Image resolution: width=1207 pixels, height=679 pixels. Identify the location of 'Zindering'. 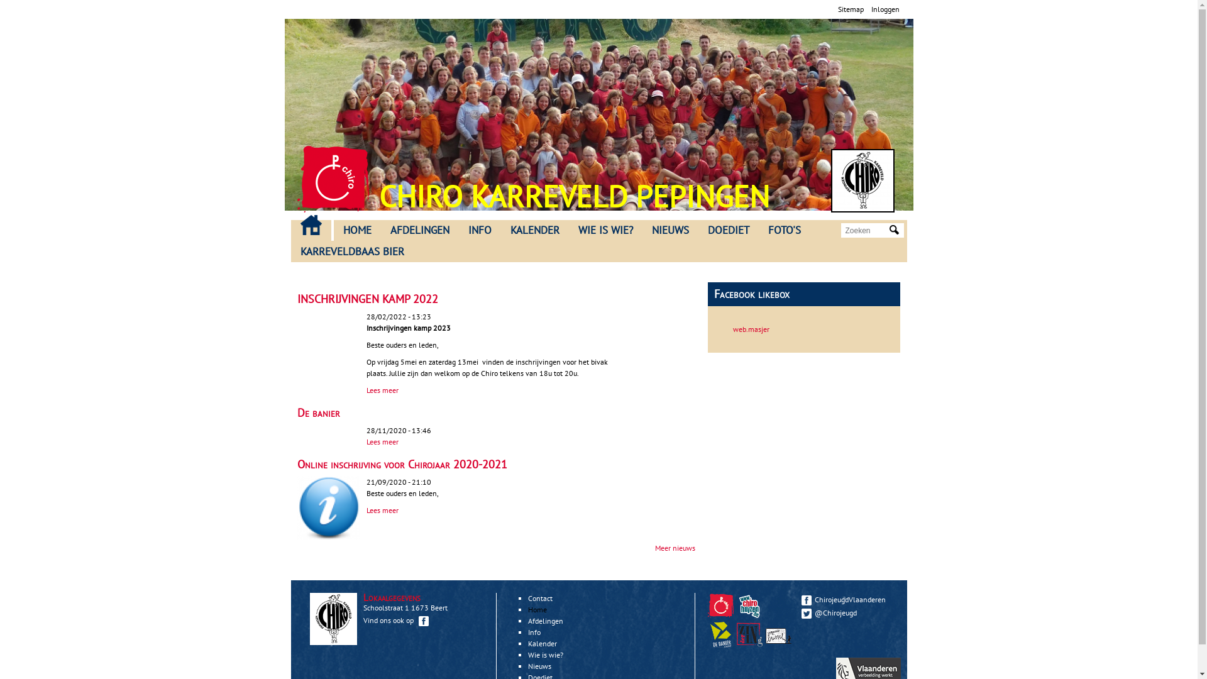
(751, 644).